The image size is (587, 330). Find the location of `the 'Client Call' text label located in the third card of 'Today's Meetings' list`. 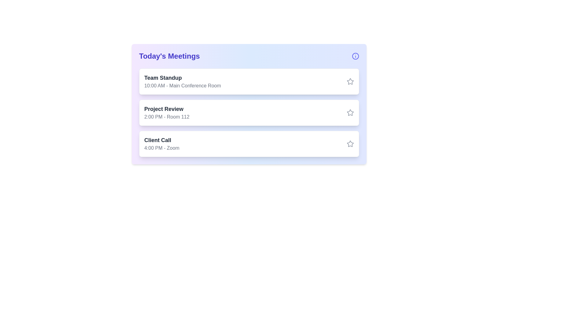

the 'Client Call' text label located in the third card of 'Today's Meetings' list is located at coordinates (162, 140).